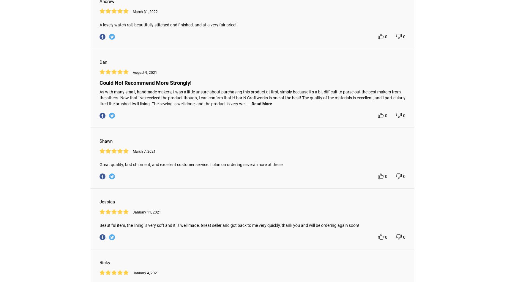 This screenshot has width=505, height=282. What do you see at coordinates (262, 103) in the screenshot?
I see `'Read More'` at bounding box center [262, 103].